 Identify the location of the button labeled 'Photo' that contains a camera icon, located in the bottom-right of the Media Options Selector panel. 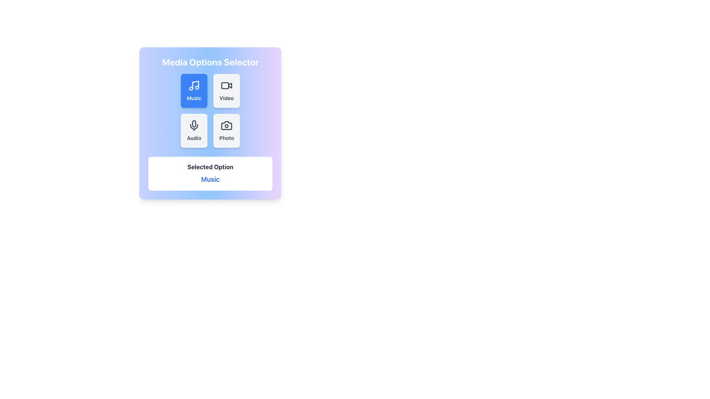
(226, 125).